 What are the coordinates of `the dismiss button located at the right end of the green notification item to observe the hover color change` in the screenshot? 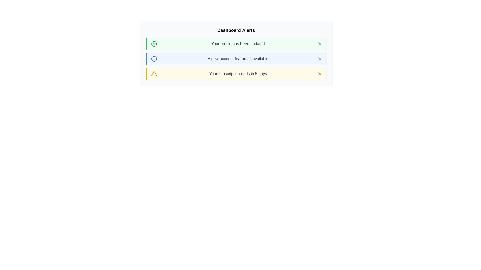 It's located at (319, 44).